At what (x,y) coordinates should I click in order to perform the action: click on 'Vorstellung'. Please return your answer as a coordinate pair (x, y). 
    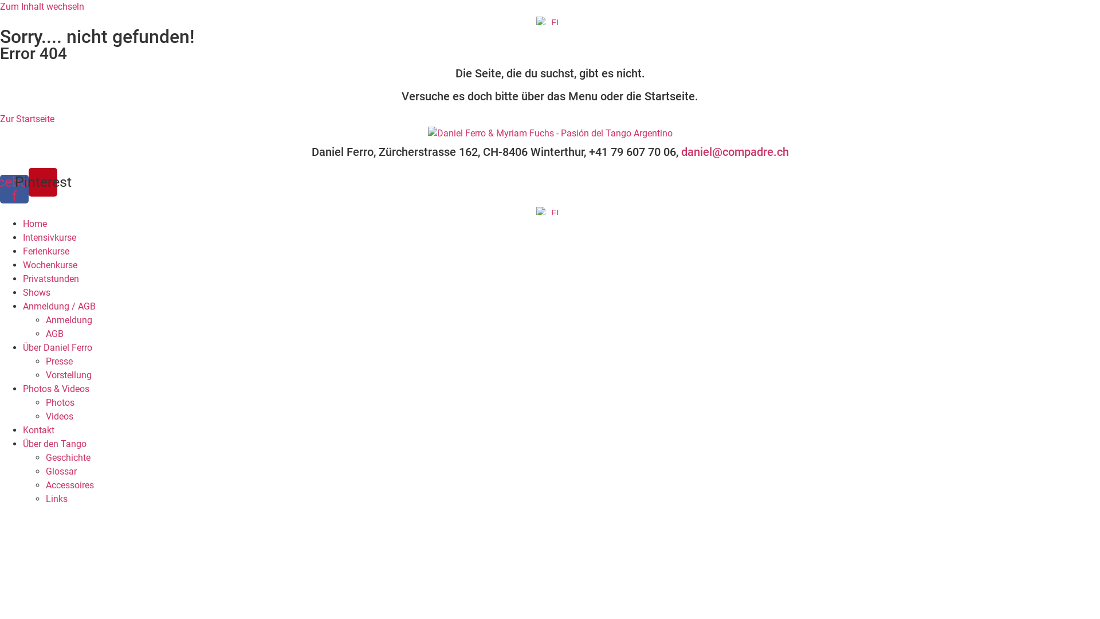
    Looking at the image, I should click on (46, 375).